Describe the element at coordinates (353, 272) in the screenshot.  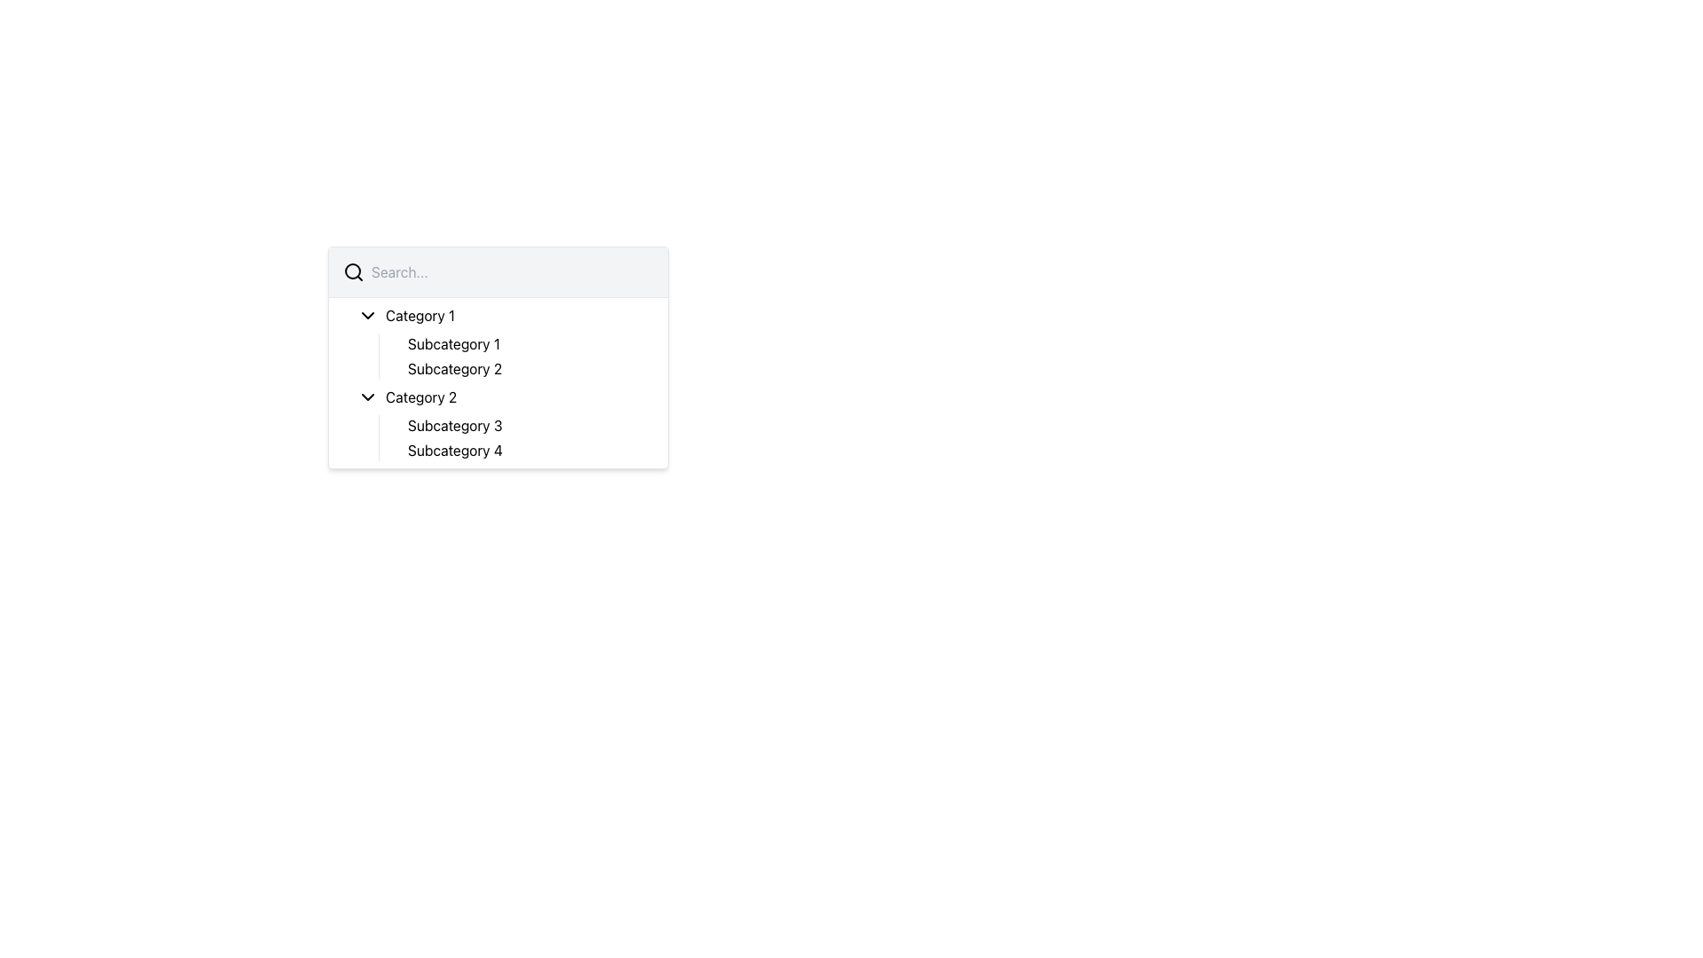
I see `the search icon located at the top-left corner of the interface` at that location.